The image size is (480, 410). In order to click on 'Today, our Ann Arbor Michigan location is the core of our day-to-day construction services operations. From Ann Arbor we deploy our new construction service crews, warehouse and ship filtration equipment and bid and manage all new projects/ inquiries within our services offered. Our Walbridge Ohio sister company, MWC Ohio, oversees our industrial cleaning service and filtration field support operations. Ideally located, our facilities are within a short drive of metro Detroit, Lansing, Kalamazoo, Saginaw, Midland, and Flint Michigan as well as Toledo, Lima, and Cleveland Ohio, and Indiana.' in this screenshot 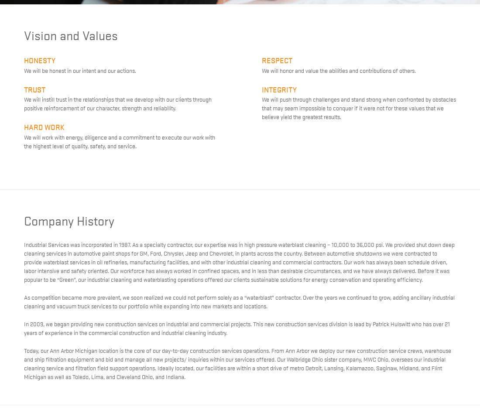, I will do `click(237, 363)`.